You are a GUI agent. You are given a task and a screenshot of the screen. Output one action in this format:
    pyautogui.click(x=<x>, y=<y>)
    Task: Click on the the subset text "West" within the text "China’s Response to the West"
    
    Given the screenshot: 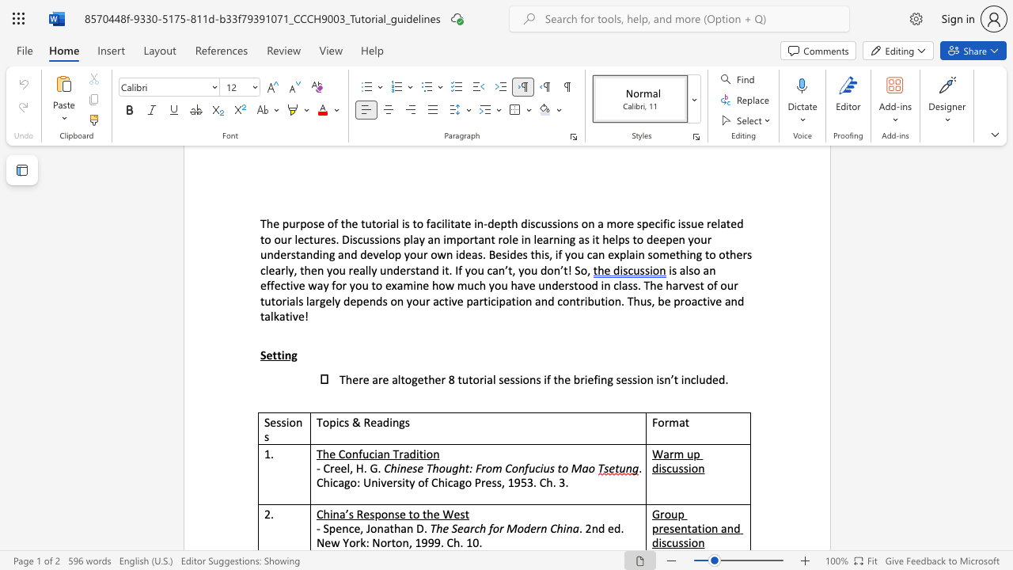 What is the action you would take?
    pyautogui.click(x=442, y=514)
    